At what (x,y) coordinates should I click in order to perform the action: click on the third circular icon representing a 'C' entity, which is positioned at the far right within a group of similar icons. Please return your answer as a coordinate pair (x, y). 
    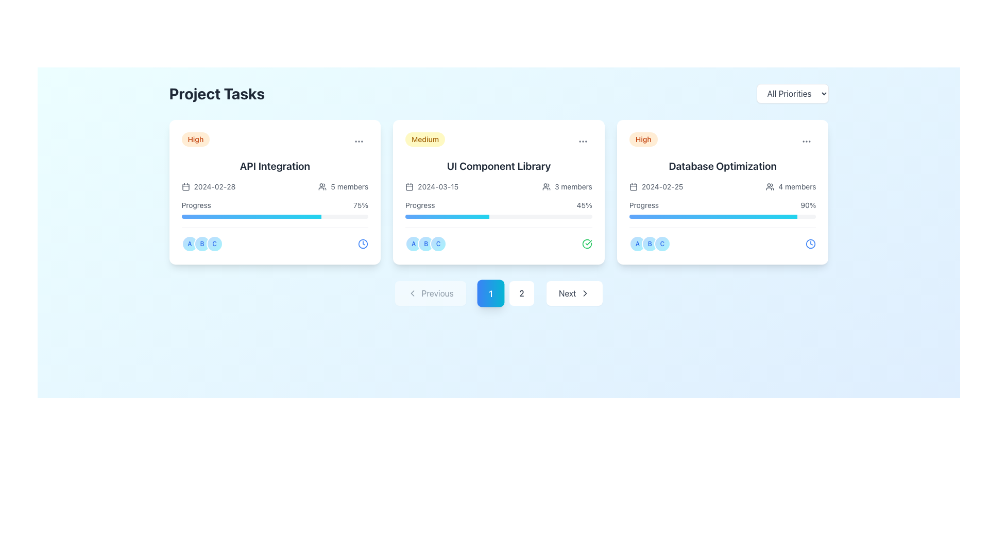
    Looking at the image, I should click on (662, 244).